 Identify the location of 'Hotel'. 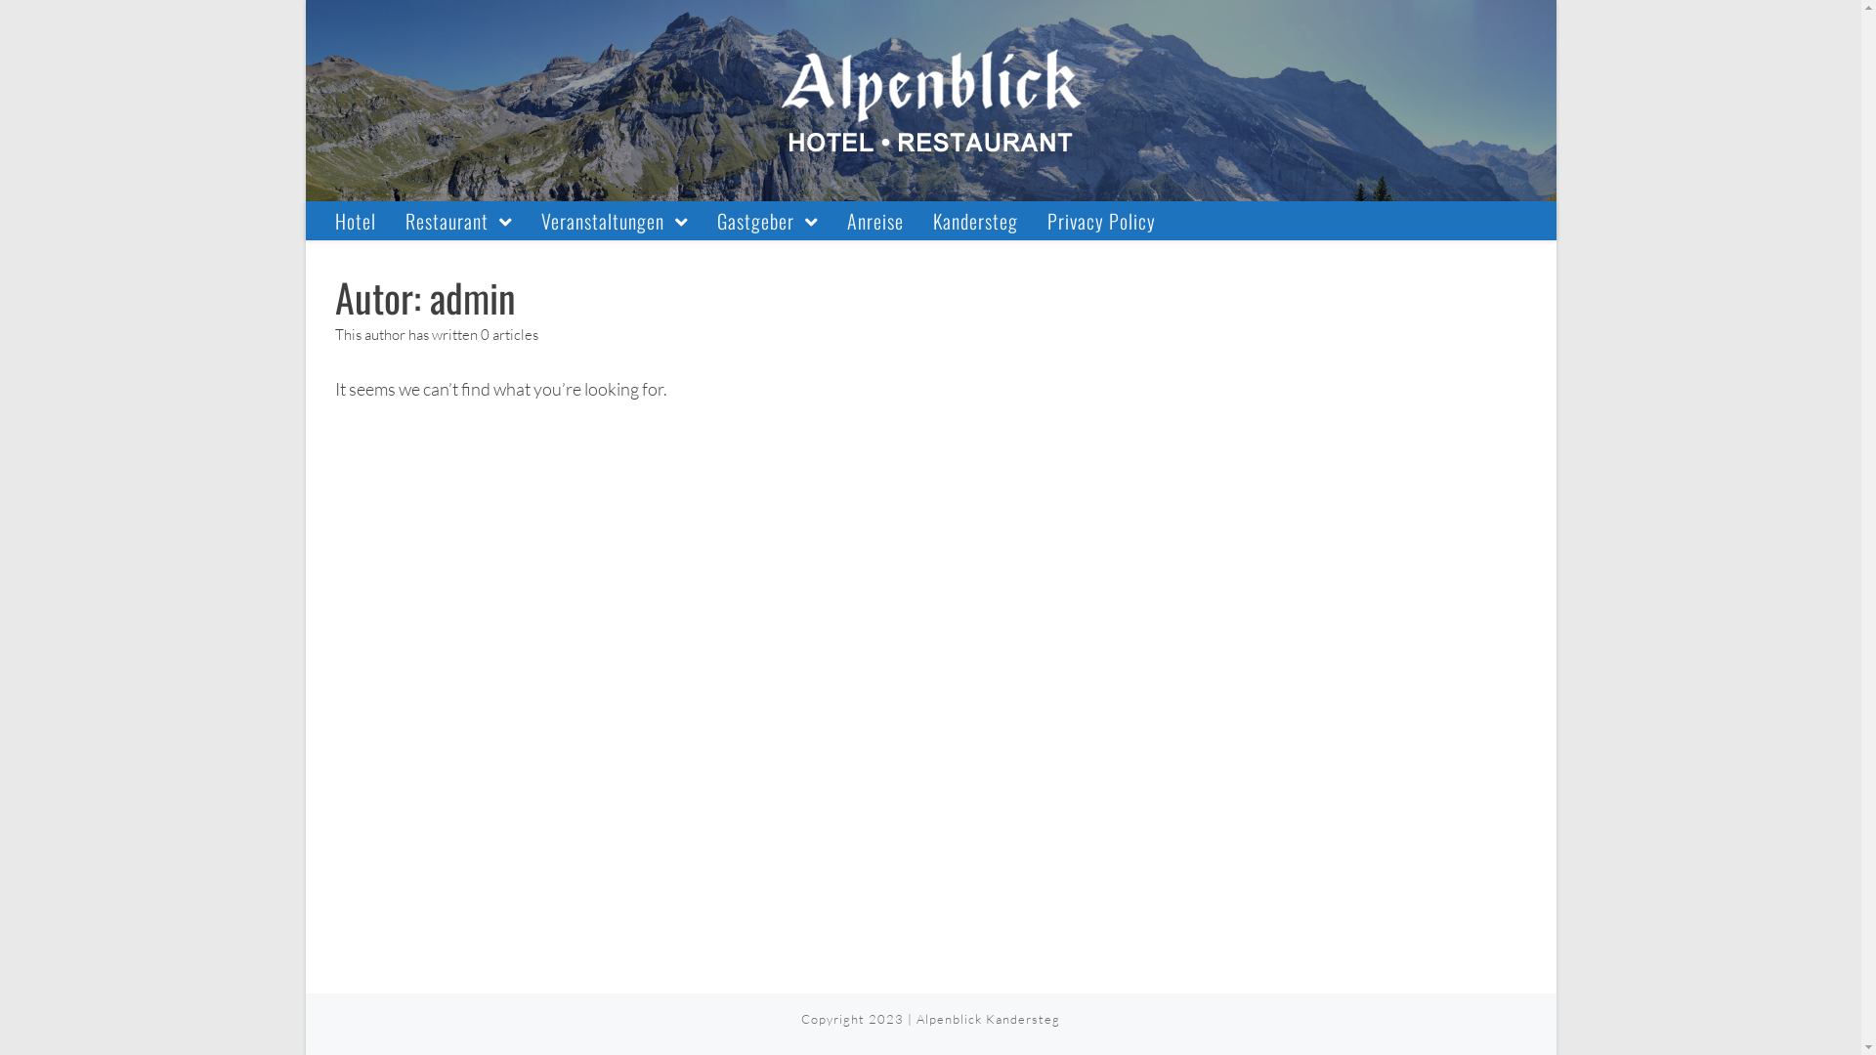
(356, 220).